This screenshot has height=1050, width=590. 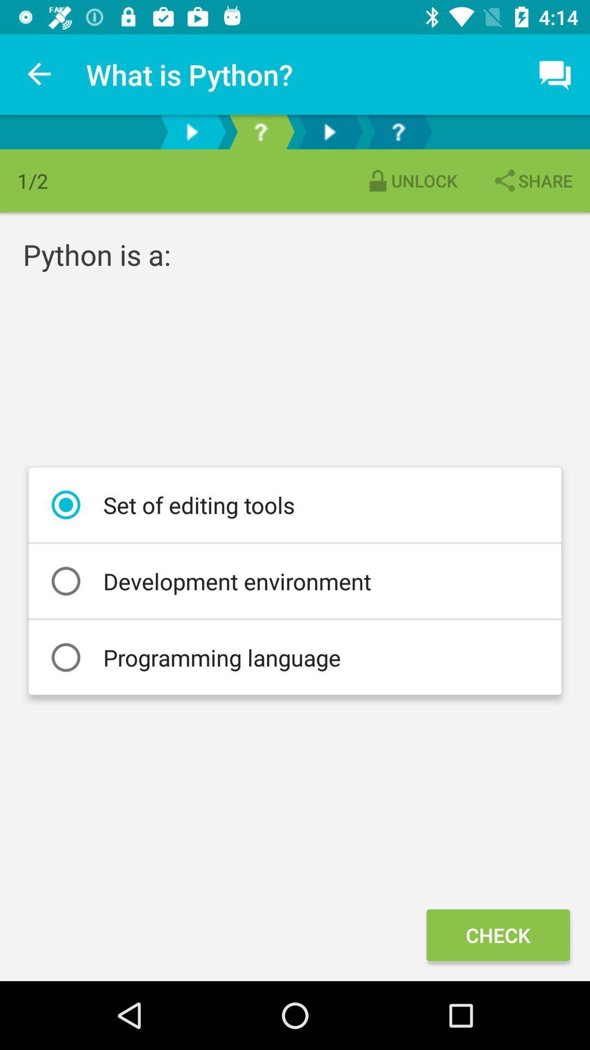 What do you see at coordinates (411, 180) in the screenshot?
I see `item to the left of the share item` at bounding box center [411, 180].